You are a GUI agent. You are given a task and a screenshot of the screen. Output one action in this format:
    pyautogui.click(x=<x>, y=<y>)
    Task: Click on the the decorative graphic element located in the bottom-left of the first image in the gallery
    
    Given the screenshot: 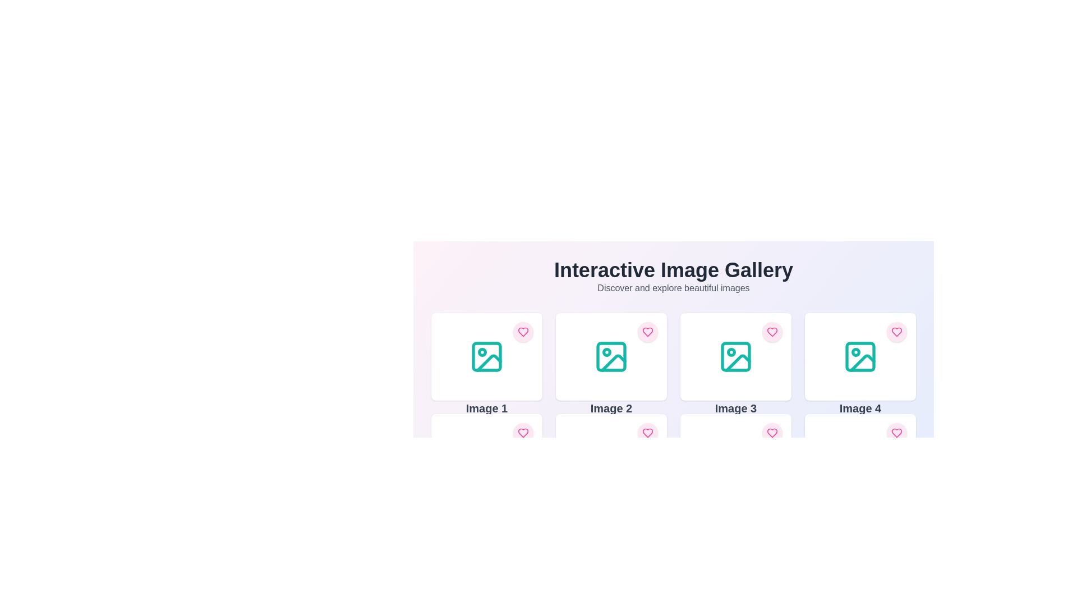 What is the action you would take?
    pyautogui.click(x=489, y=363)
    